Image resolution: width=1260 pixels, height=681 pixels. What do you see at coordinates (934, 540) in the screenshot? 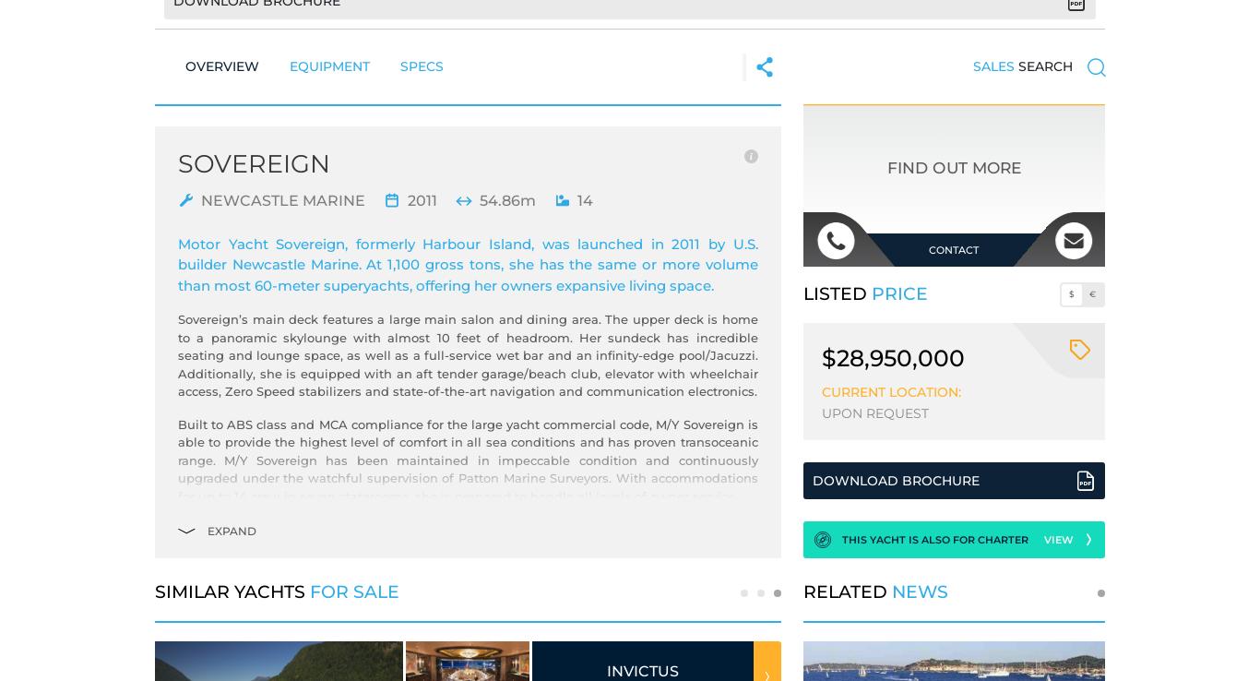
I see `'This yacht is also for charter'` at bounding box center [934, 540].